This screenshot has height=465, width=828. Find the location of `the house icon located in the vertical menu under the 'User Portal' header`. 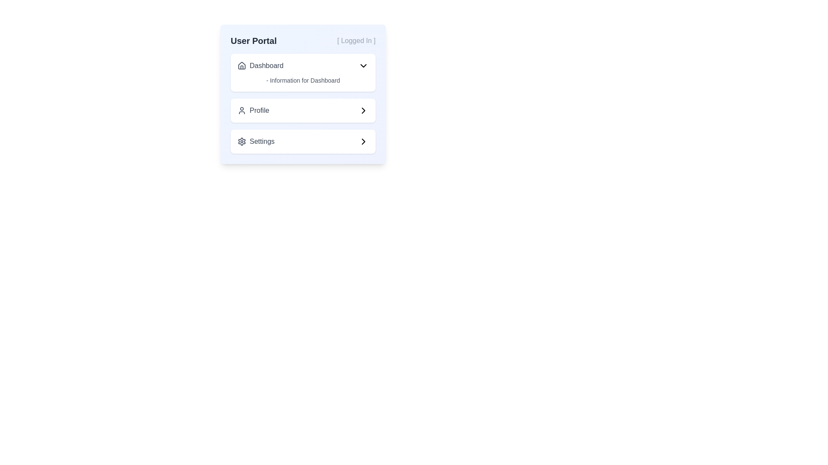

the house icon located in the vertical menu under the 'User Portal' header is located at coordinates (241, 65).